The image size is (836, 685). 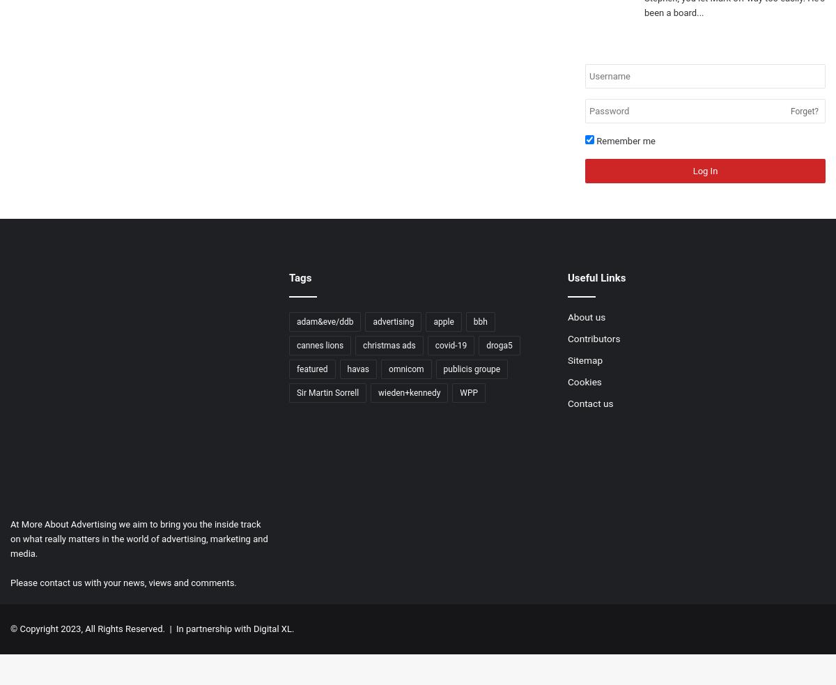 I want to click on '.', so click(x=293, y=628).